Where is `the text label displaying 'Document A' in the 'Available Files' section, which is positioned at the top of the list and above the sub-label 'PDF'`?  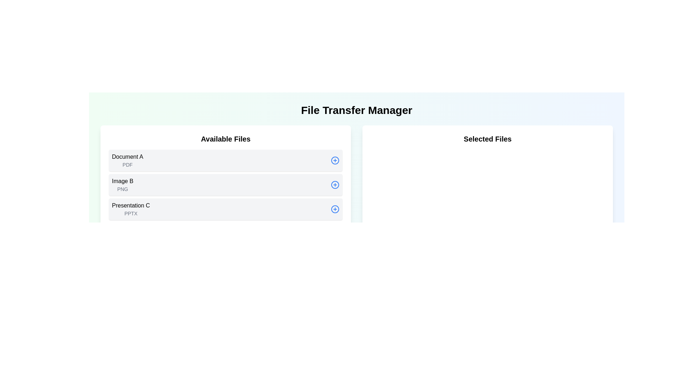 the text label displaying 'Document A' in the 'Available Files' section, which is positioned at the top of the list and above the sub-label 'PDF' is located at coordinates (127, 156).